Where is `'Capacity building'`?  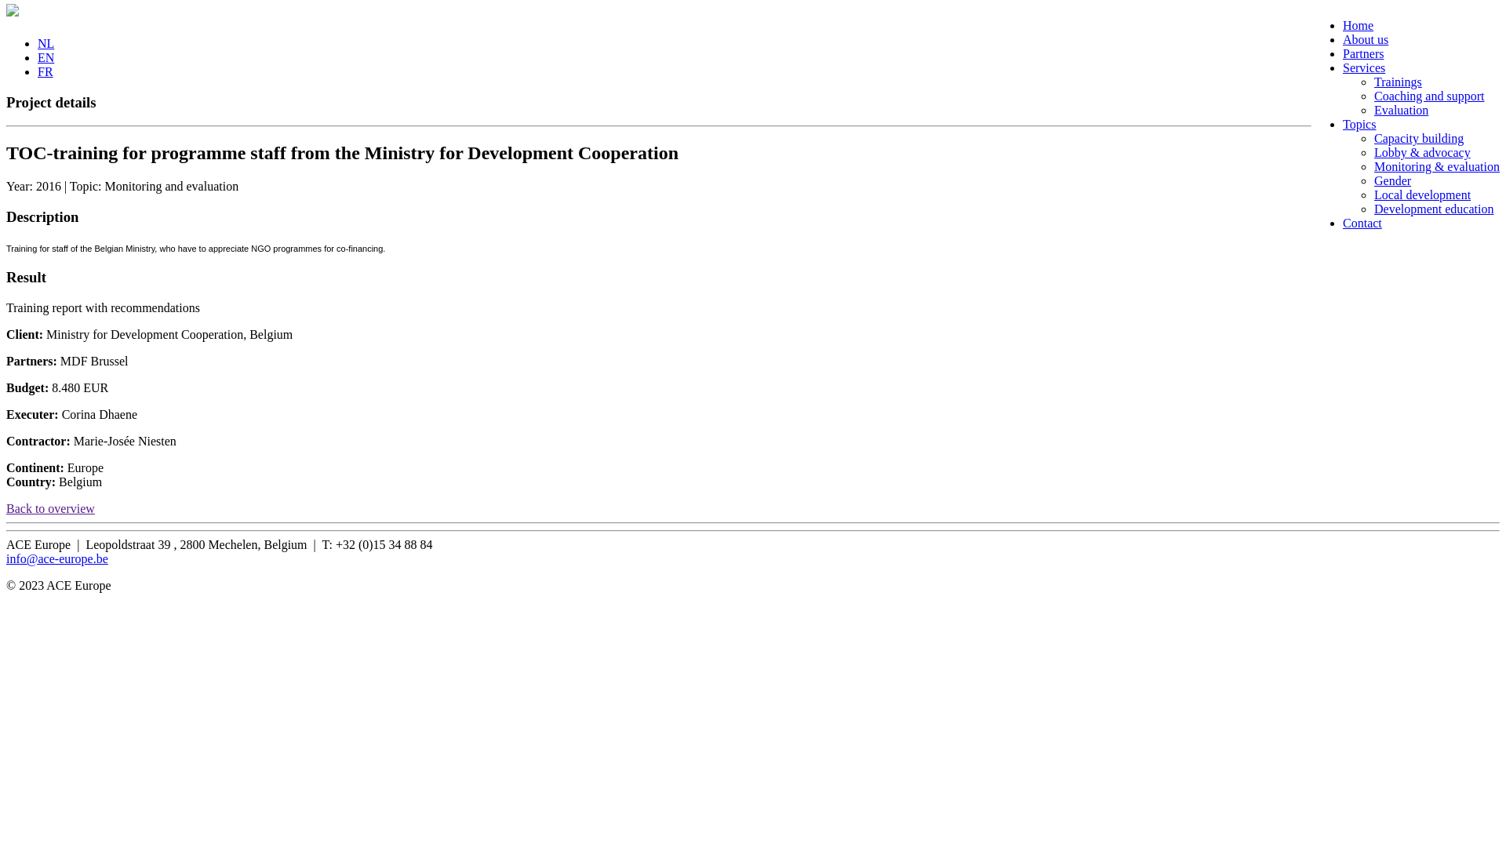
'Capacity building' is located at coordinates (1419, 137).